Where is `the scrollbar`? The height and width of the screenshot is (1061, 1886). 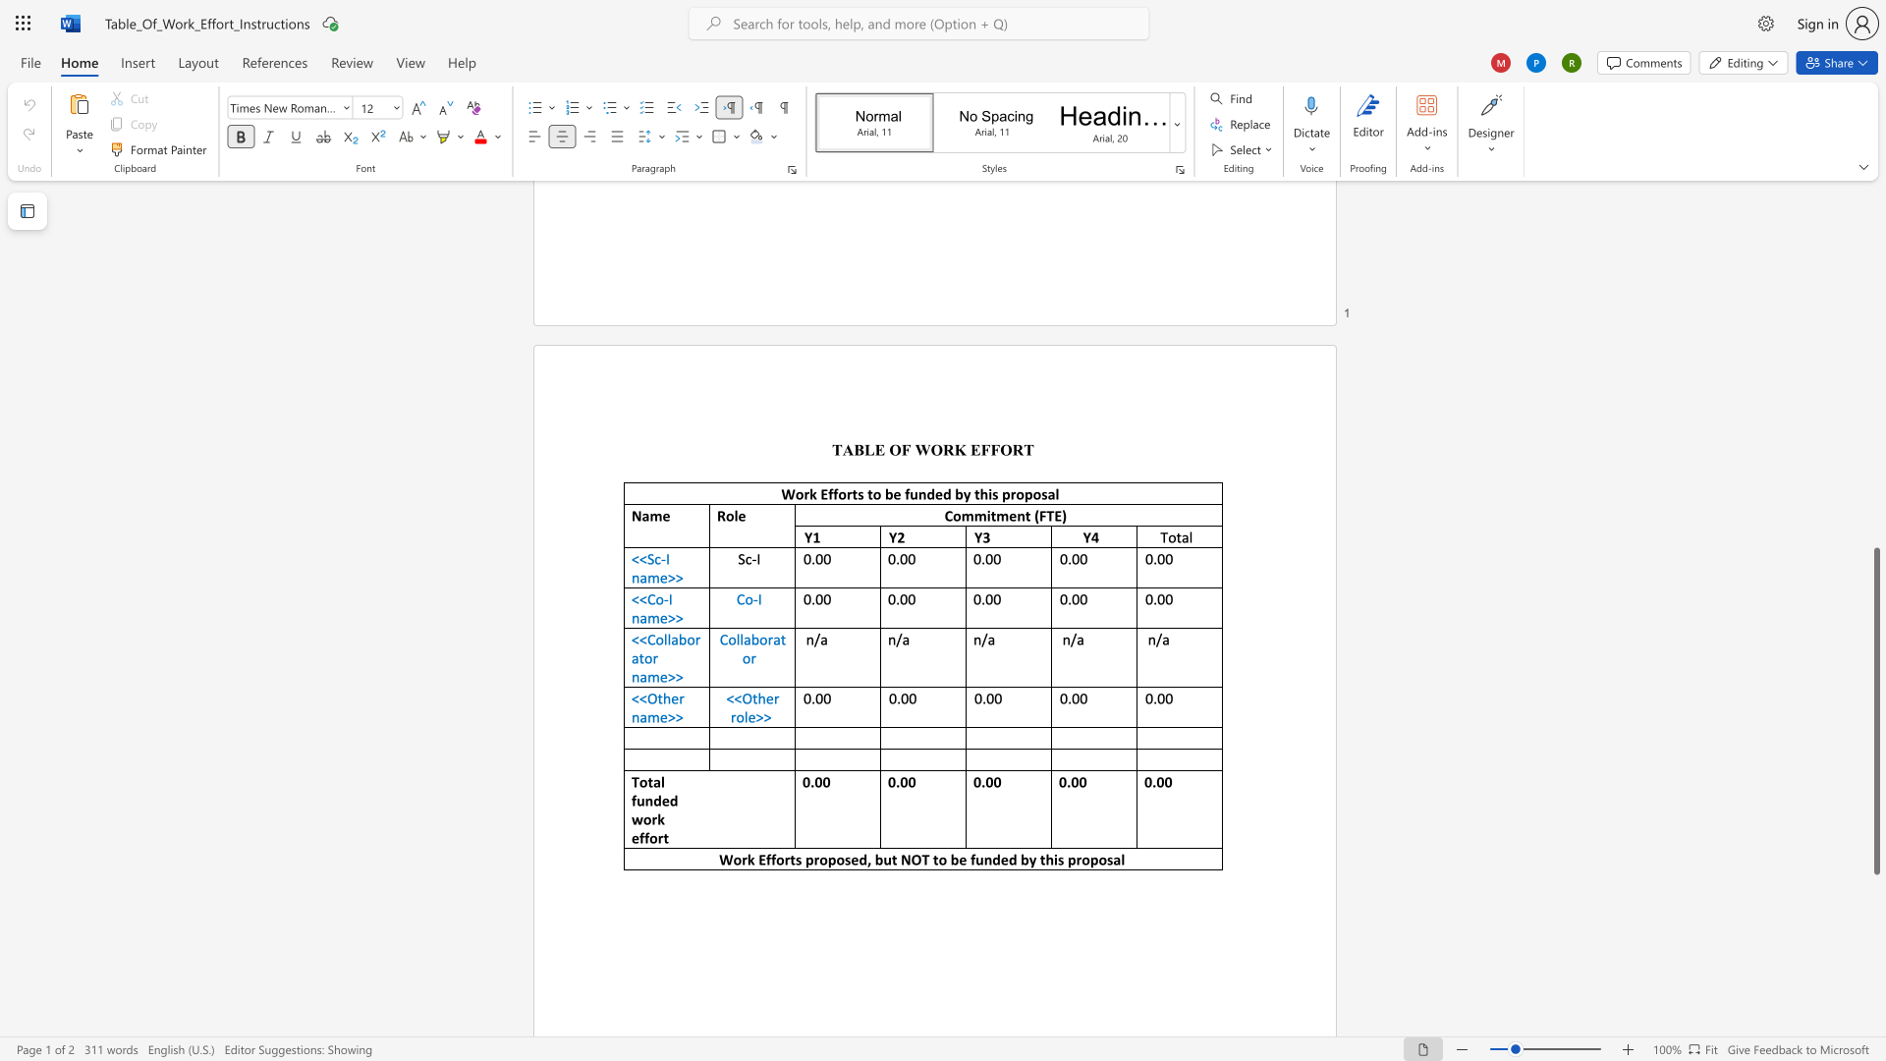 the scrollbar is located at coordinates (1875, 253).